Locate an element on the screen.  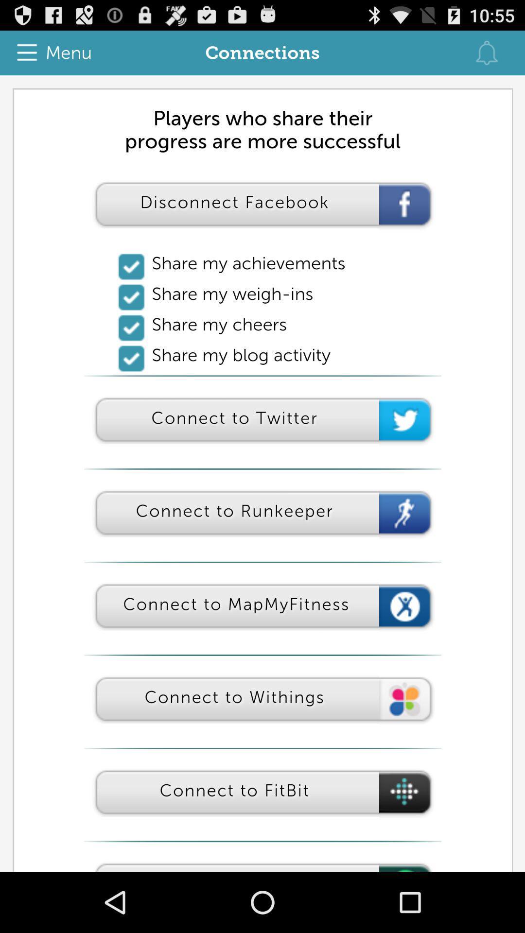
for adverisment is located at coordinates (262, 473).